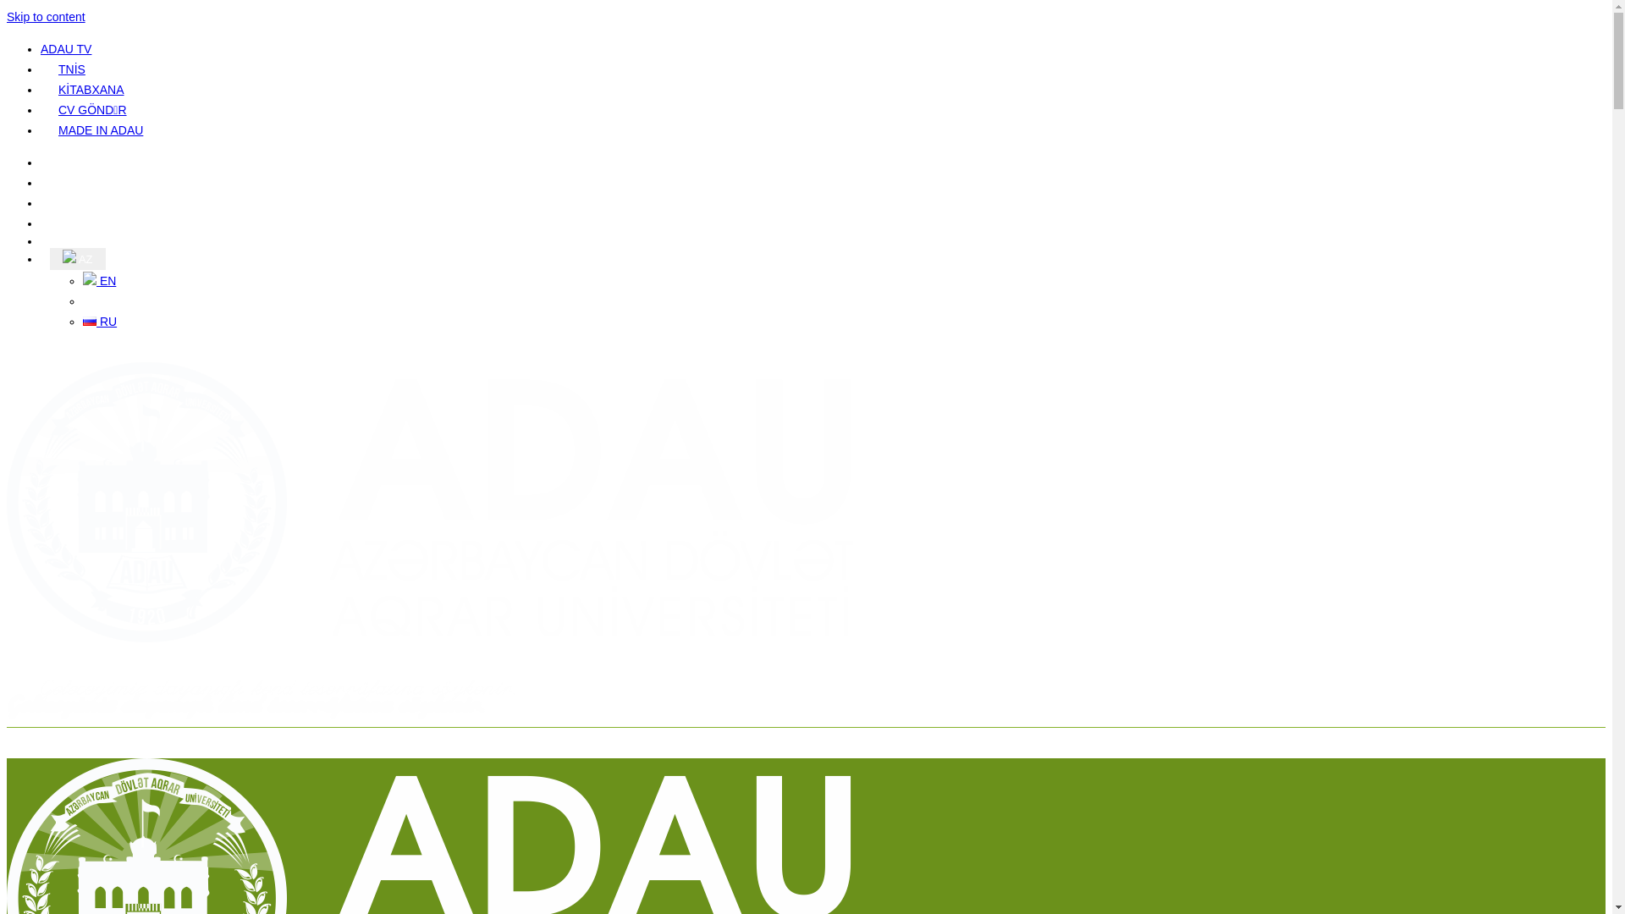 This screenshot has height=914, width=1625. Describe the element at coordinates (65, 47) in the screenshot. I see `'ADAU TV'` at that location.